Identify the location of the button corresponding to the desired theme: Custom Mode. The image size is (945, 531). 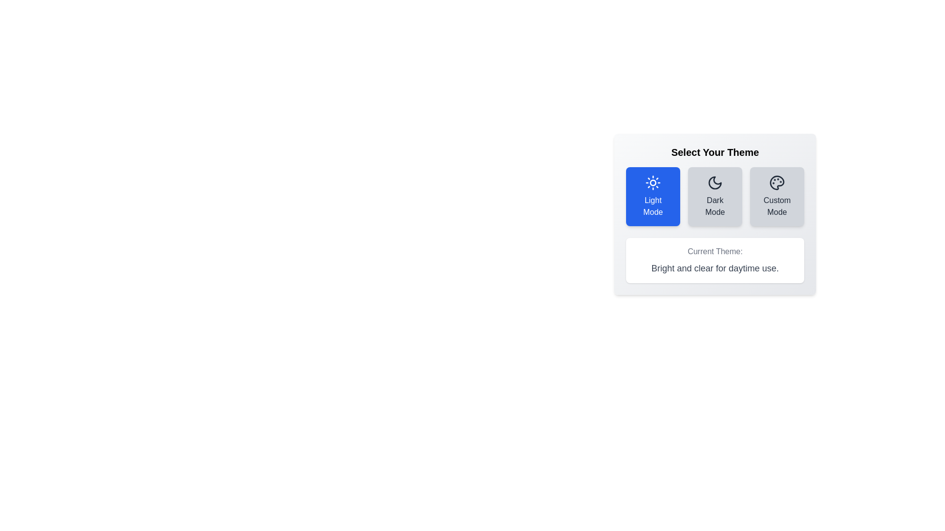
(777, 197).